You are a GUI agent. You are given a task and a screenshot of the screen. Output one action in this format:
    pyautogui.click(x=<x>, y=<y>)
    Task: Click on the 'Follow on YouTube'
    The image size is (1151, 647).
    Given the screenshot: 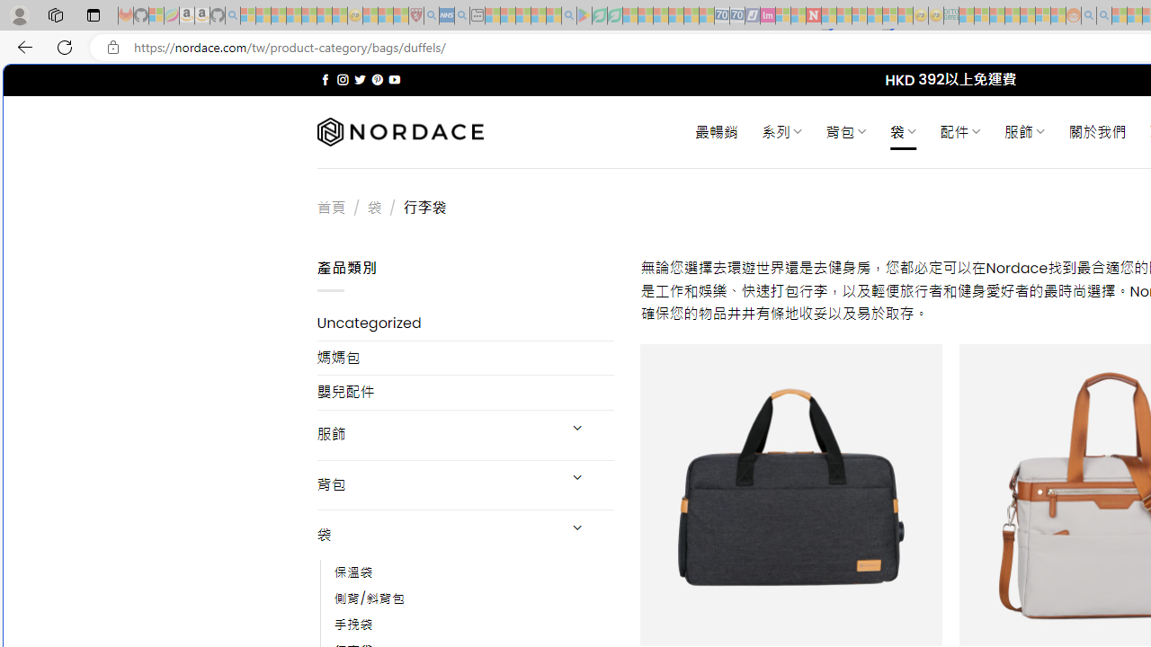 What is the action you would take?
    pyautogui.click(x=394, y=79)
    